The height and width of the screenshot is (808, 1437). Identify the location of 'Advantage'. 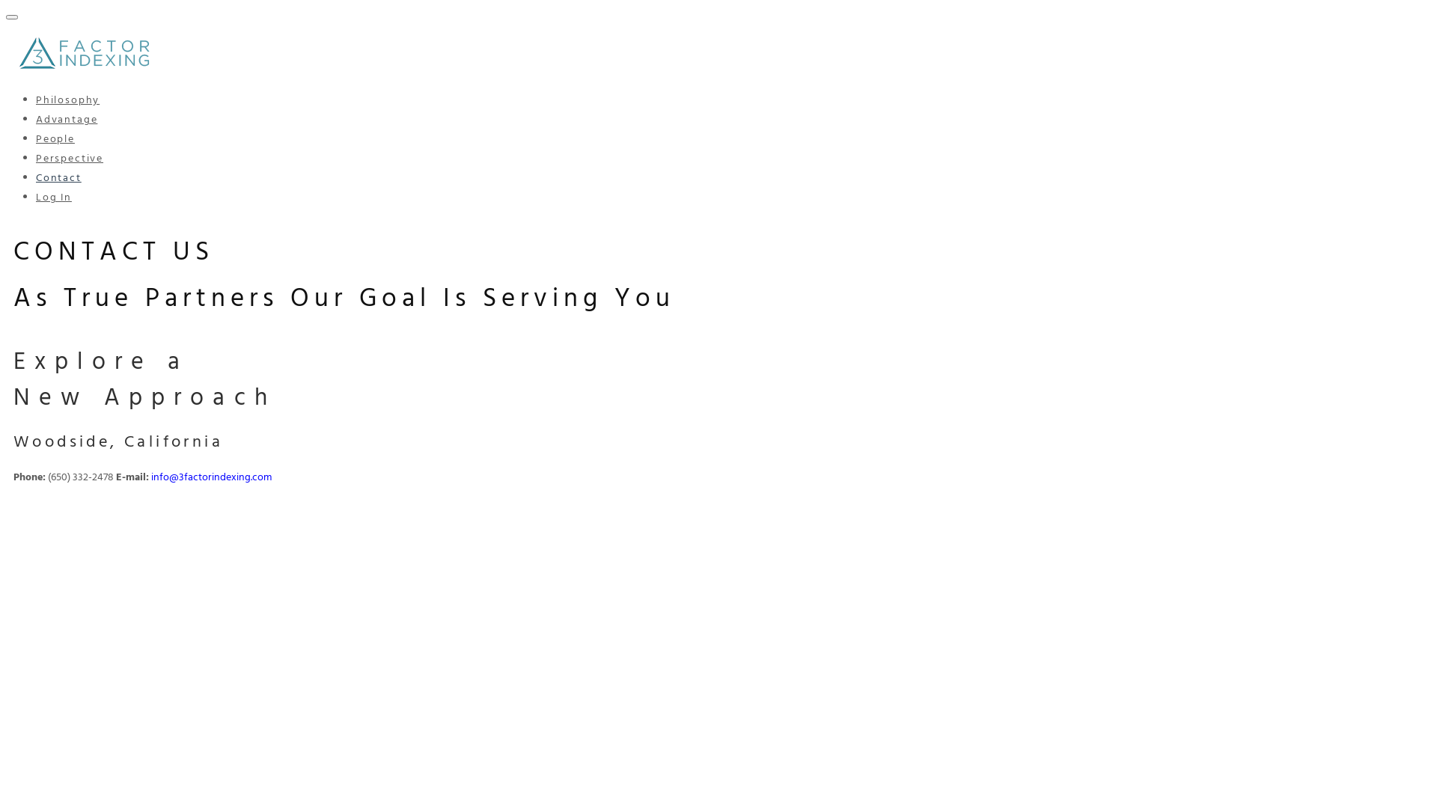
(66, 119).